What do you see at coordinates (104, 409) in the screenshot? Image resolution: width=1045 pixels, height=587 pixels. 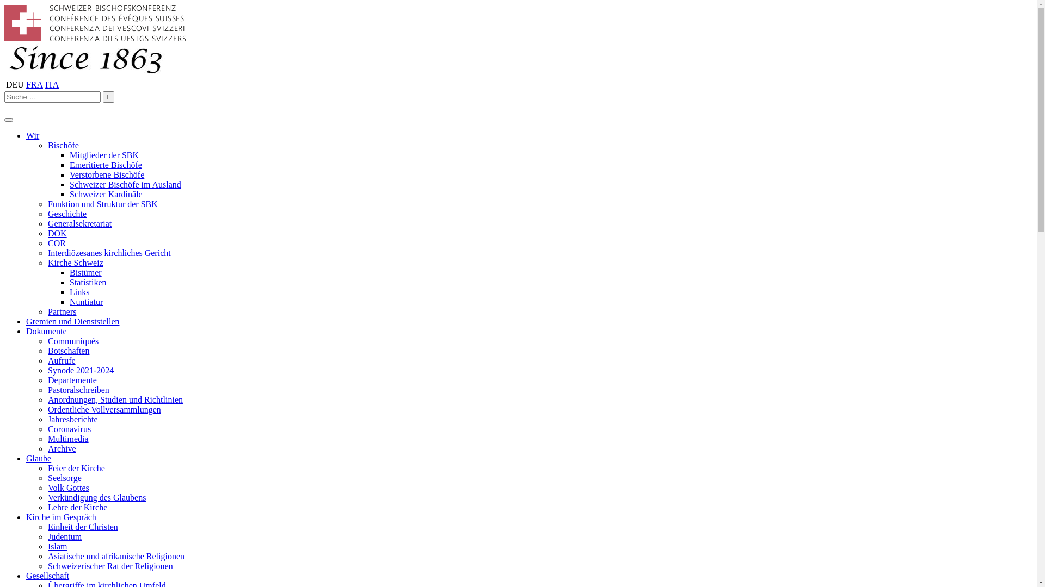 I see `'Ordentliche Vollversammlungen'` at bounding box center [104, 409].